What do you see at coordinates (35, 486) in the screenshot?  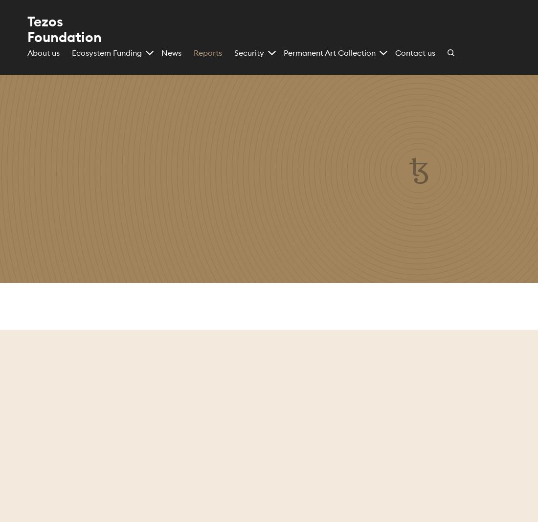 I see `'Accept'` at bounding box center [35, 486].